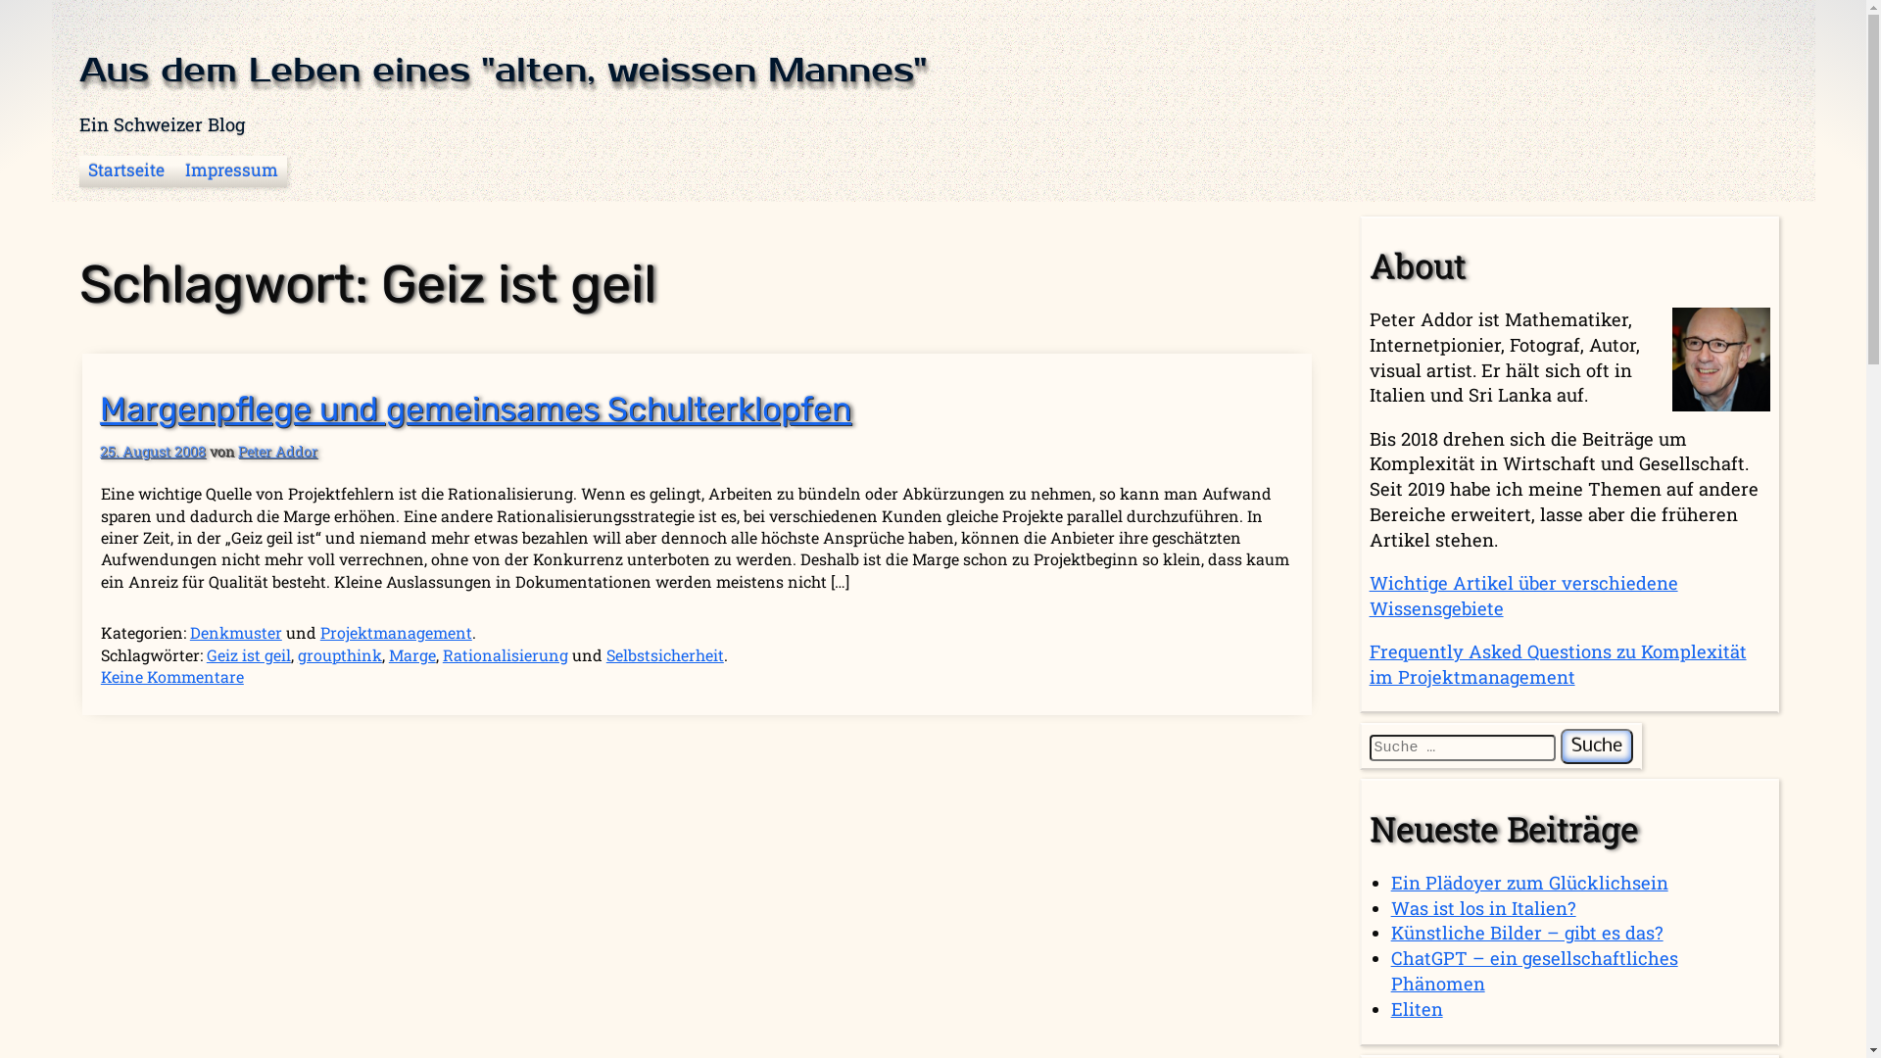 The height and width of the screenshot is (1058, 1881). What do you see at coordinates (231, 169) in the screenshot?
I see `'Impressum'` at bounding box center [231, 169].